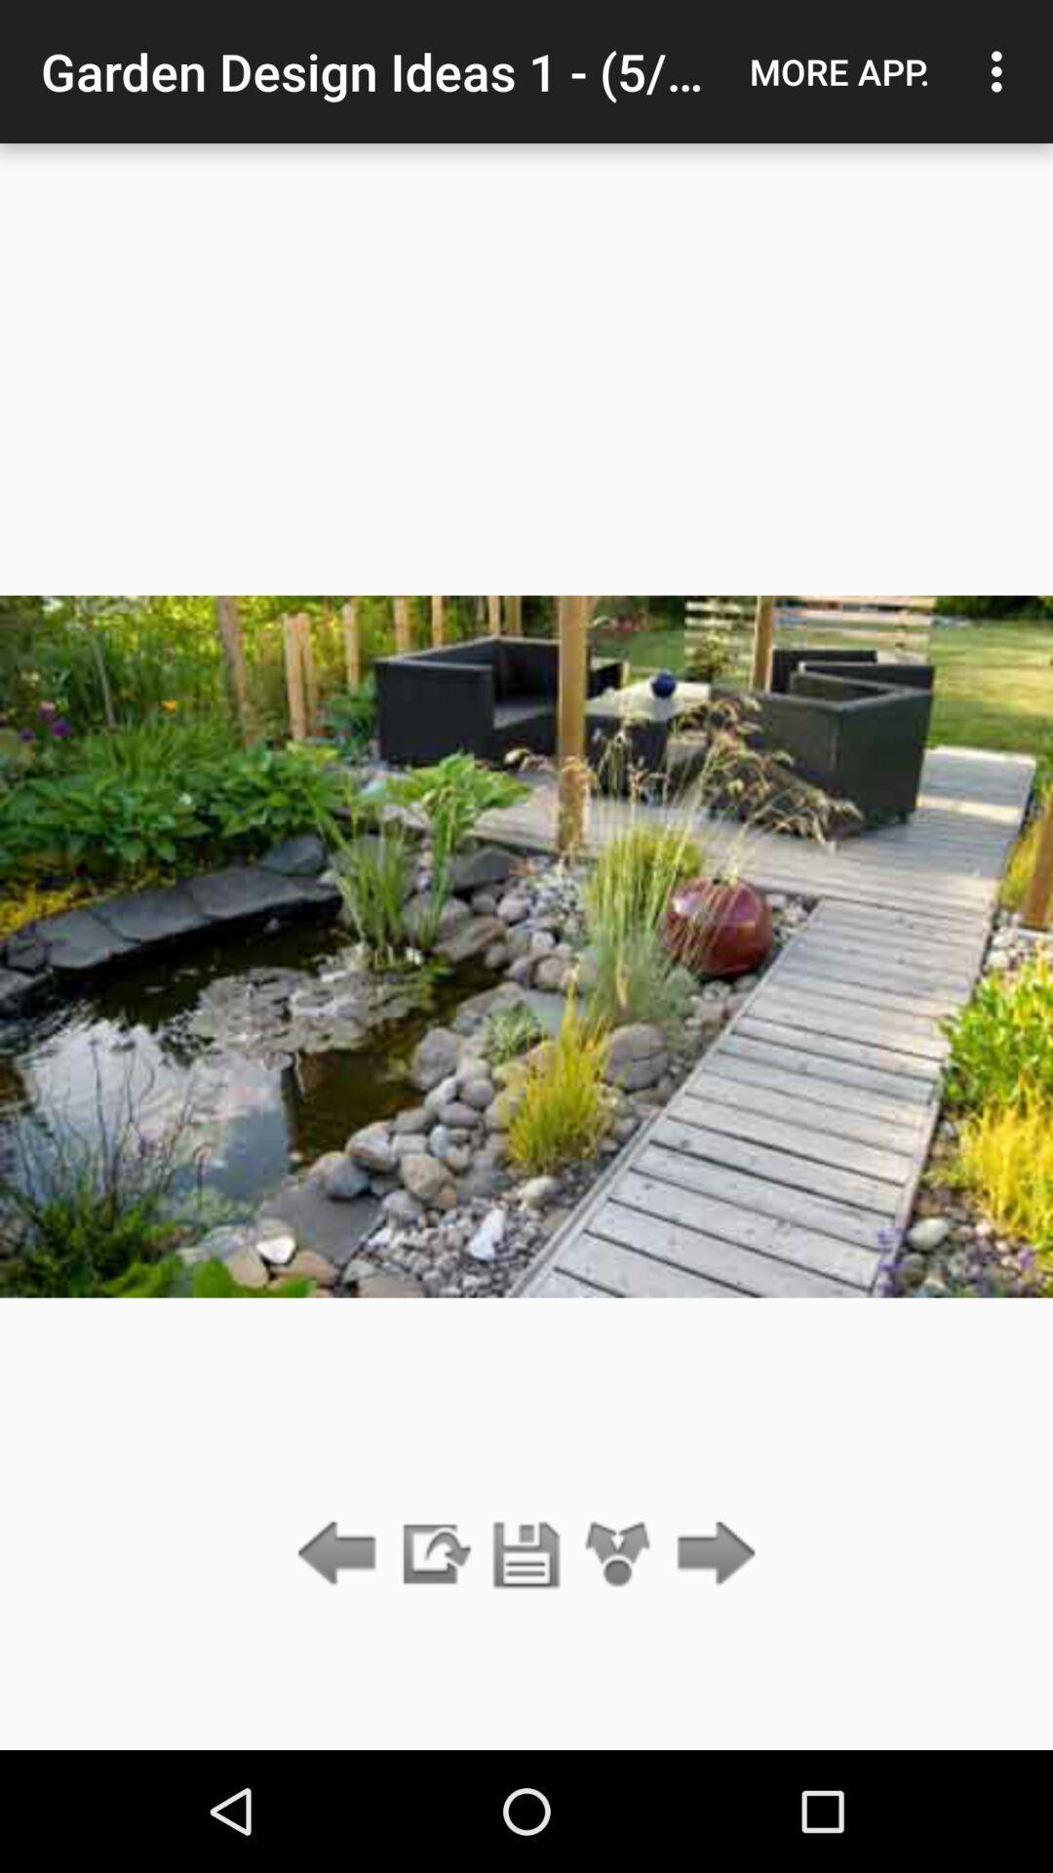 The height and width of the screenshot is (1873, 1053). Describe the element at coordinates (711, 1554) in the screenshot. I see `the arrow_forward icon` at that location.